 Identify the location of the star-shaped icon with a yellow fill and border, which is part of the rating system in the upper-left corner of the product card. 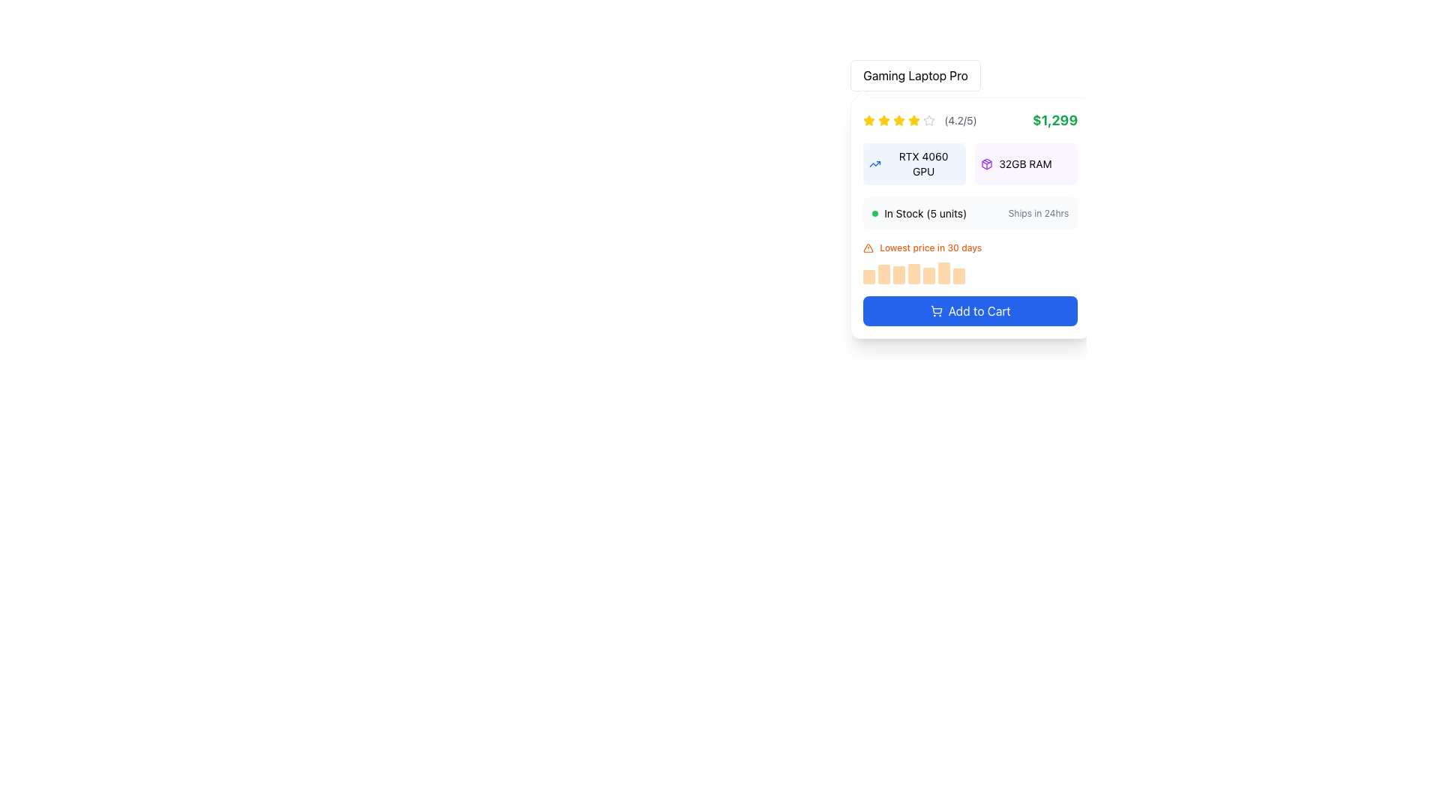
(869, 119).